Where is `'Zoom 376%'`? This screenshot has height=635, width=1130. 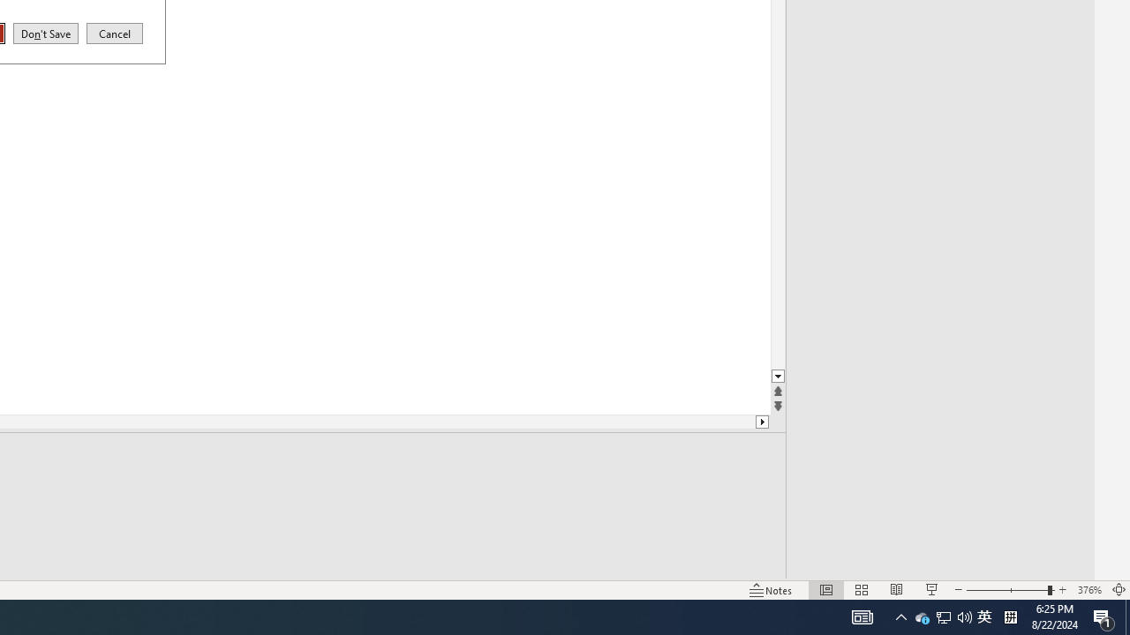
'Zoom 376%' is located at coordinates (1089, 590).